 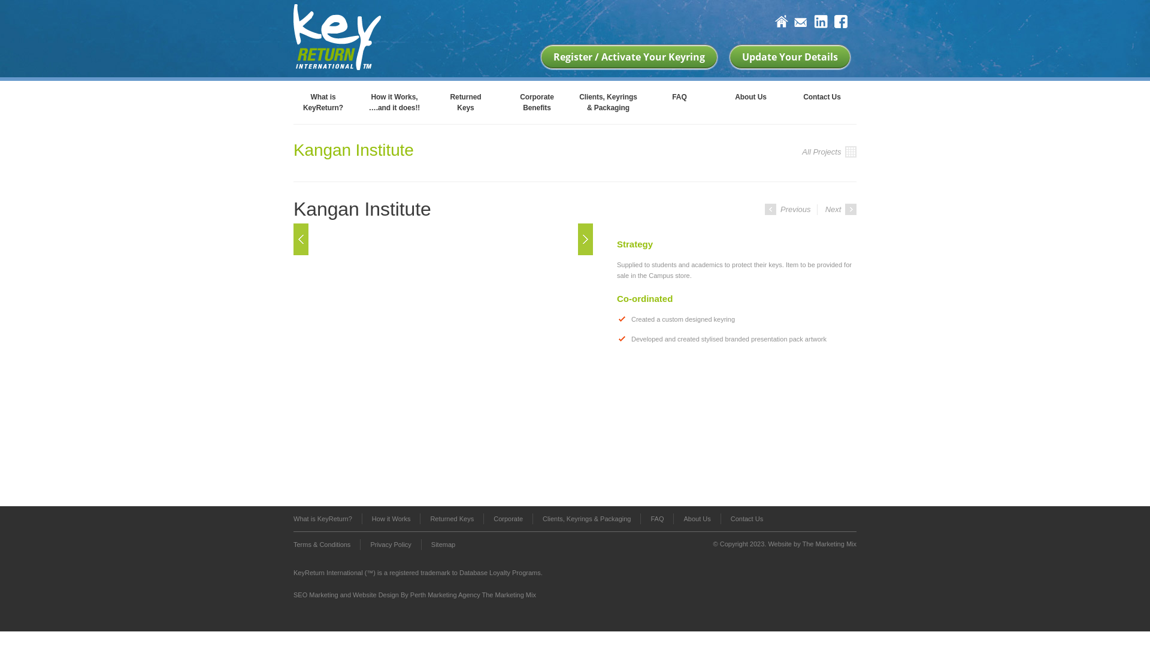 What do you see at coordinates (628, 57) in the screenshot?
I see `'Register / Activate Your Keyring'` at bounding box center [628, 57].